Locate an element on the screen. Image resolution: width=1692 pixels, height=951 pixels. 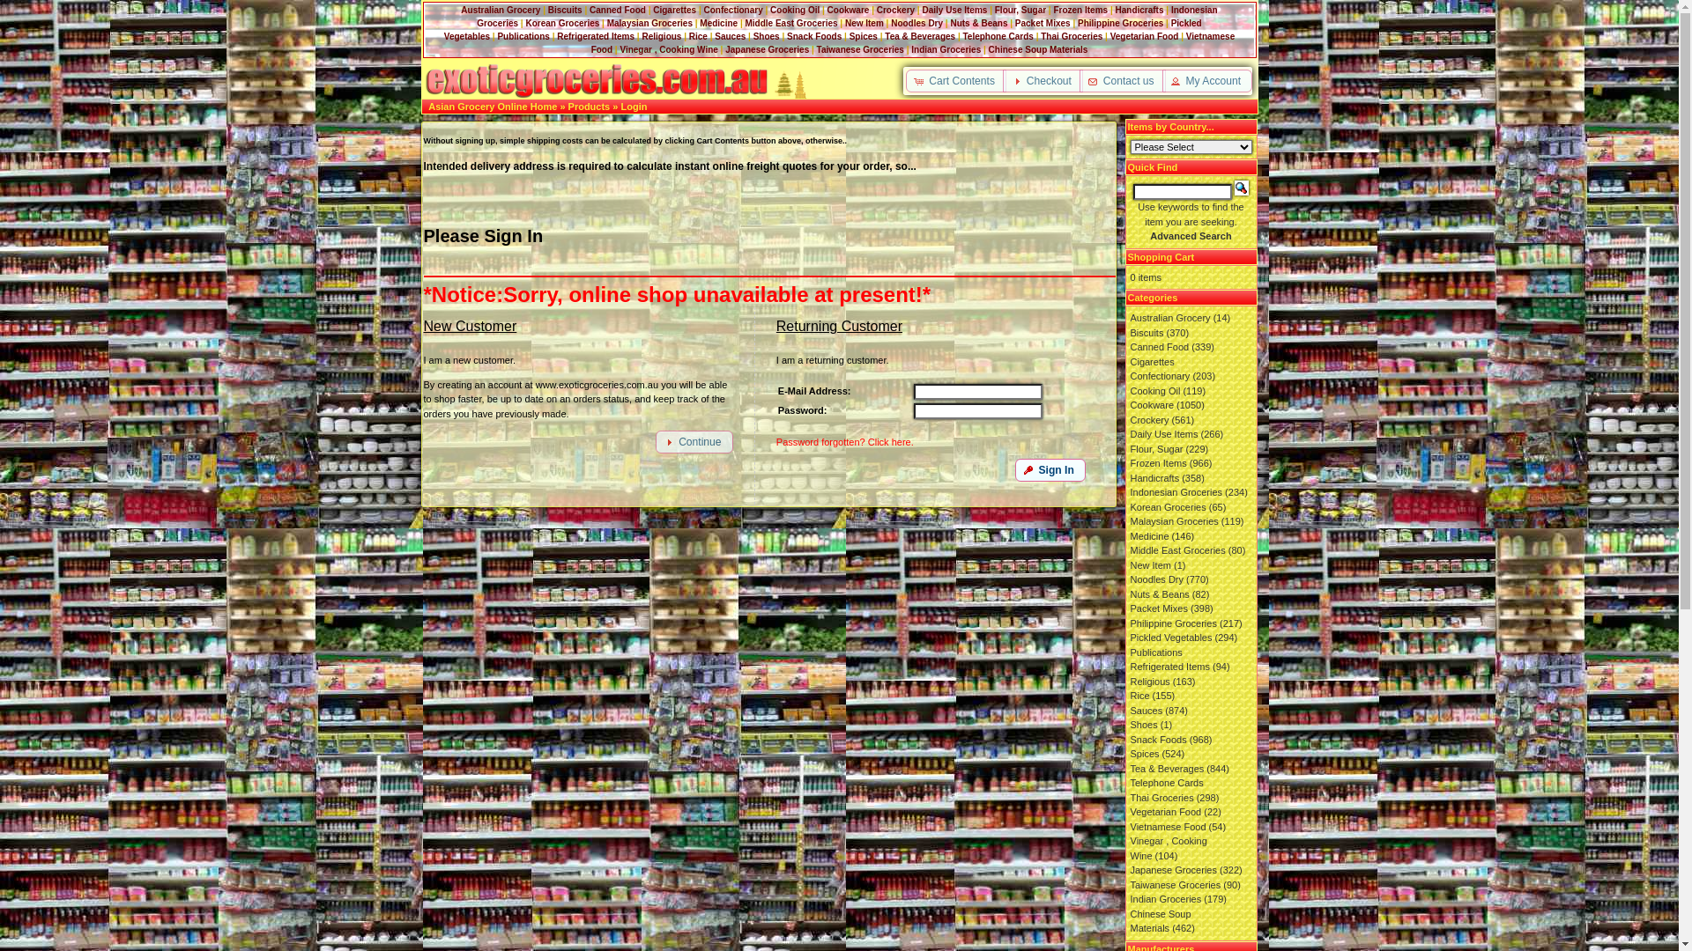
'Crockery' is located at coordinates (876, 10).